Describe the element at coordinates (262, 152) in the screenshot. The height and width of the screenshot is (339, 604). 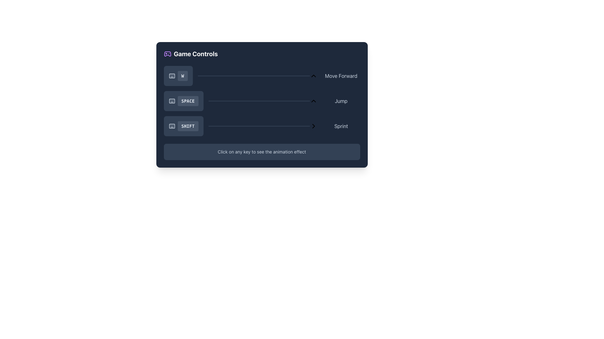
I see `the text label that says 'Click on any key` at that location.